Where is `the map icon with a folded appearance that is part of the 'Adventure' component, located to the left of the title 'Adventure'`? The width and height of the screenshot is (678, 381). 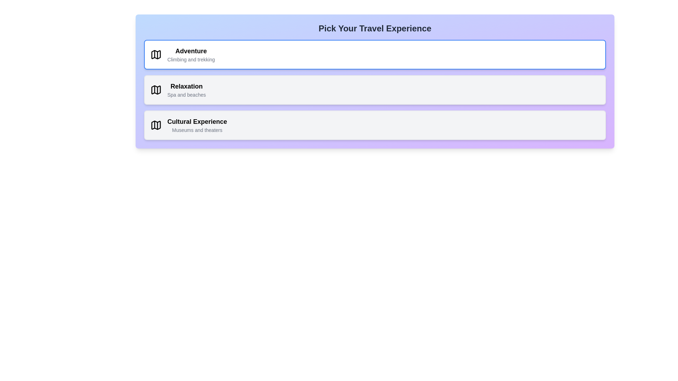
the map icon with a folded appearance that is part of the 'Adventure' component, located to the left of the title 'Adventure' is located at coordinates (155, 54).